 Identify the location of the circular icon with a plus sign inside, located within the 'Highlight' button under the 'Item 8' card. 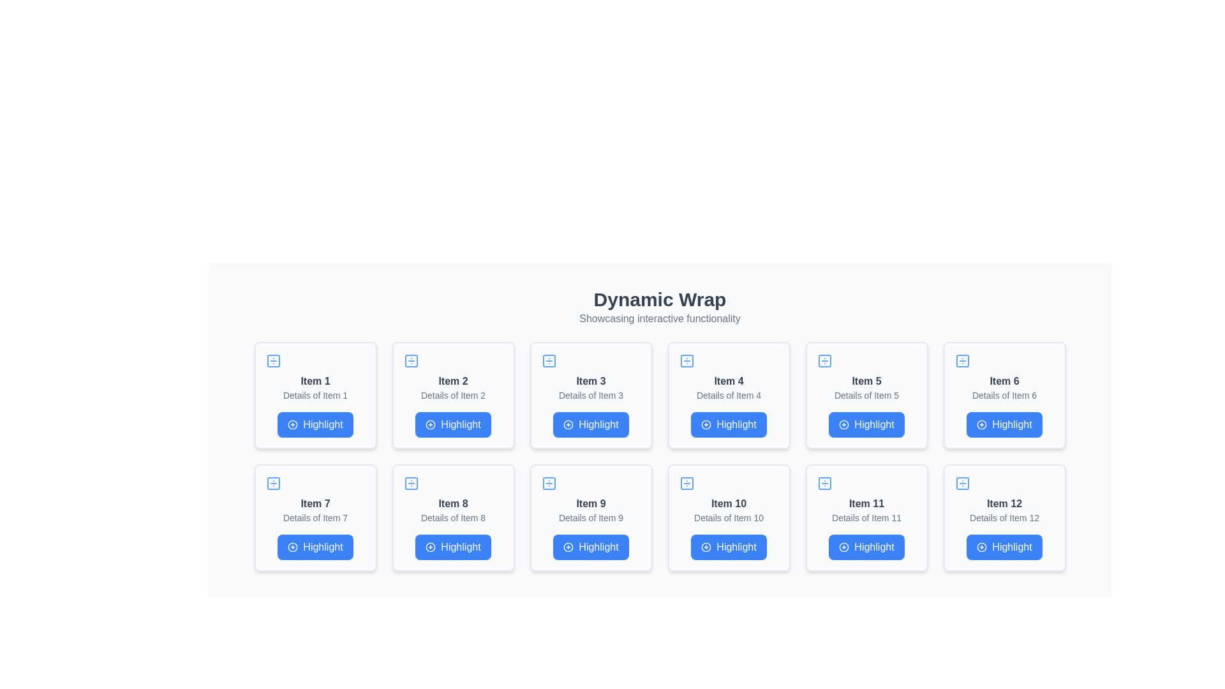
(431, 546).